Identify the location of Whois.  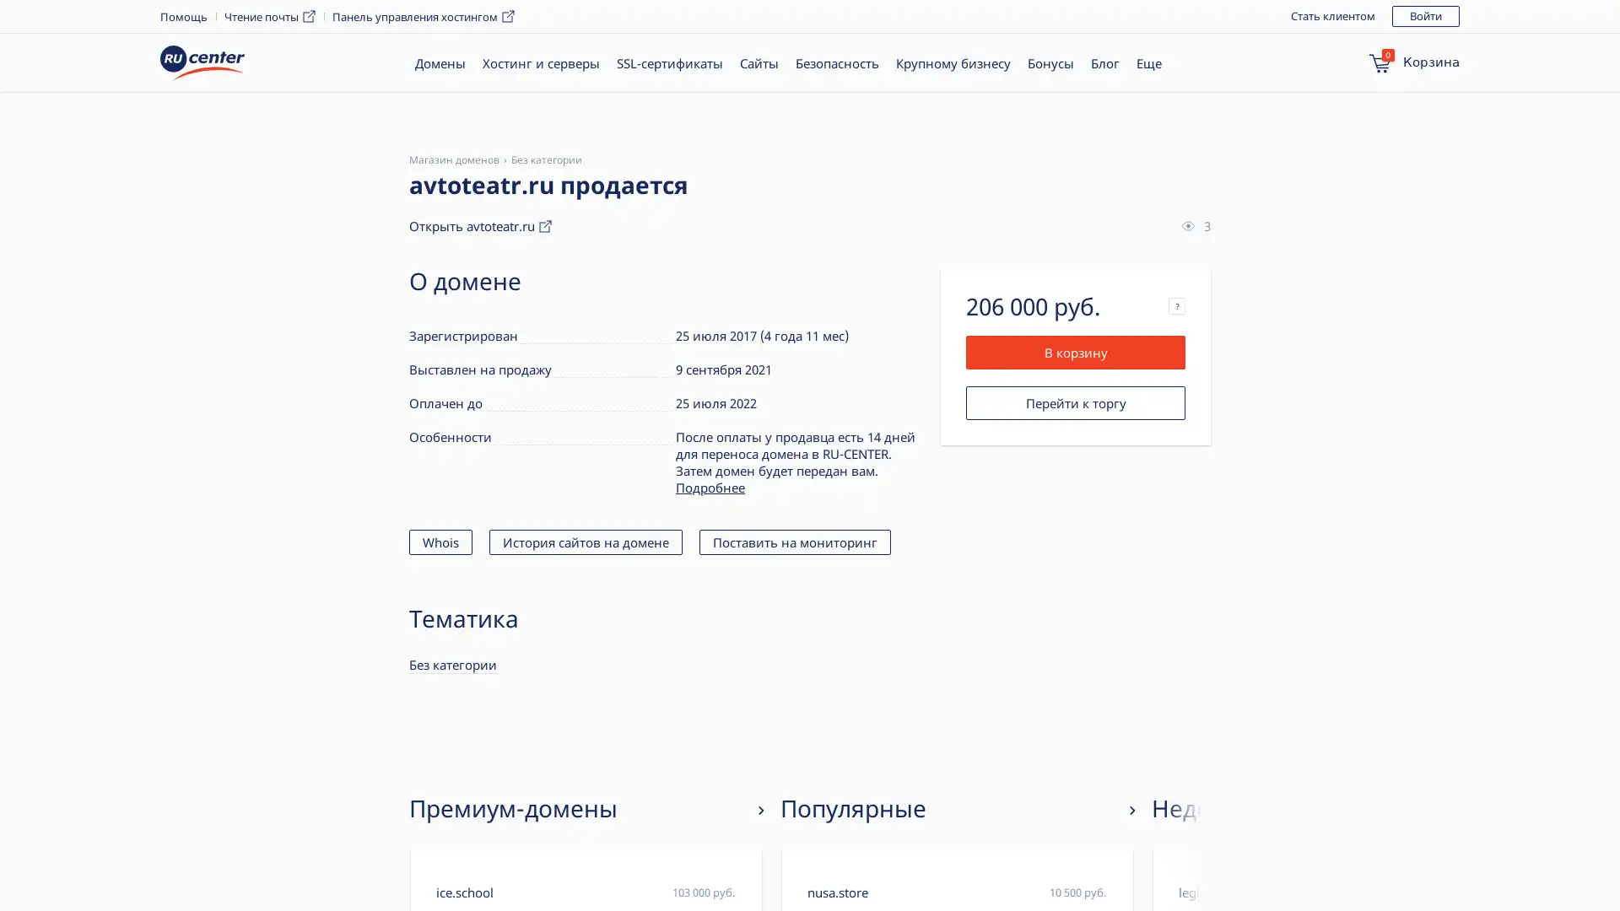
(440, 542).